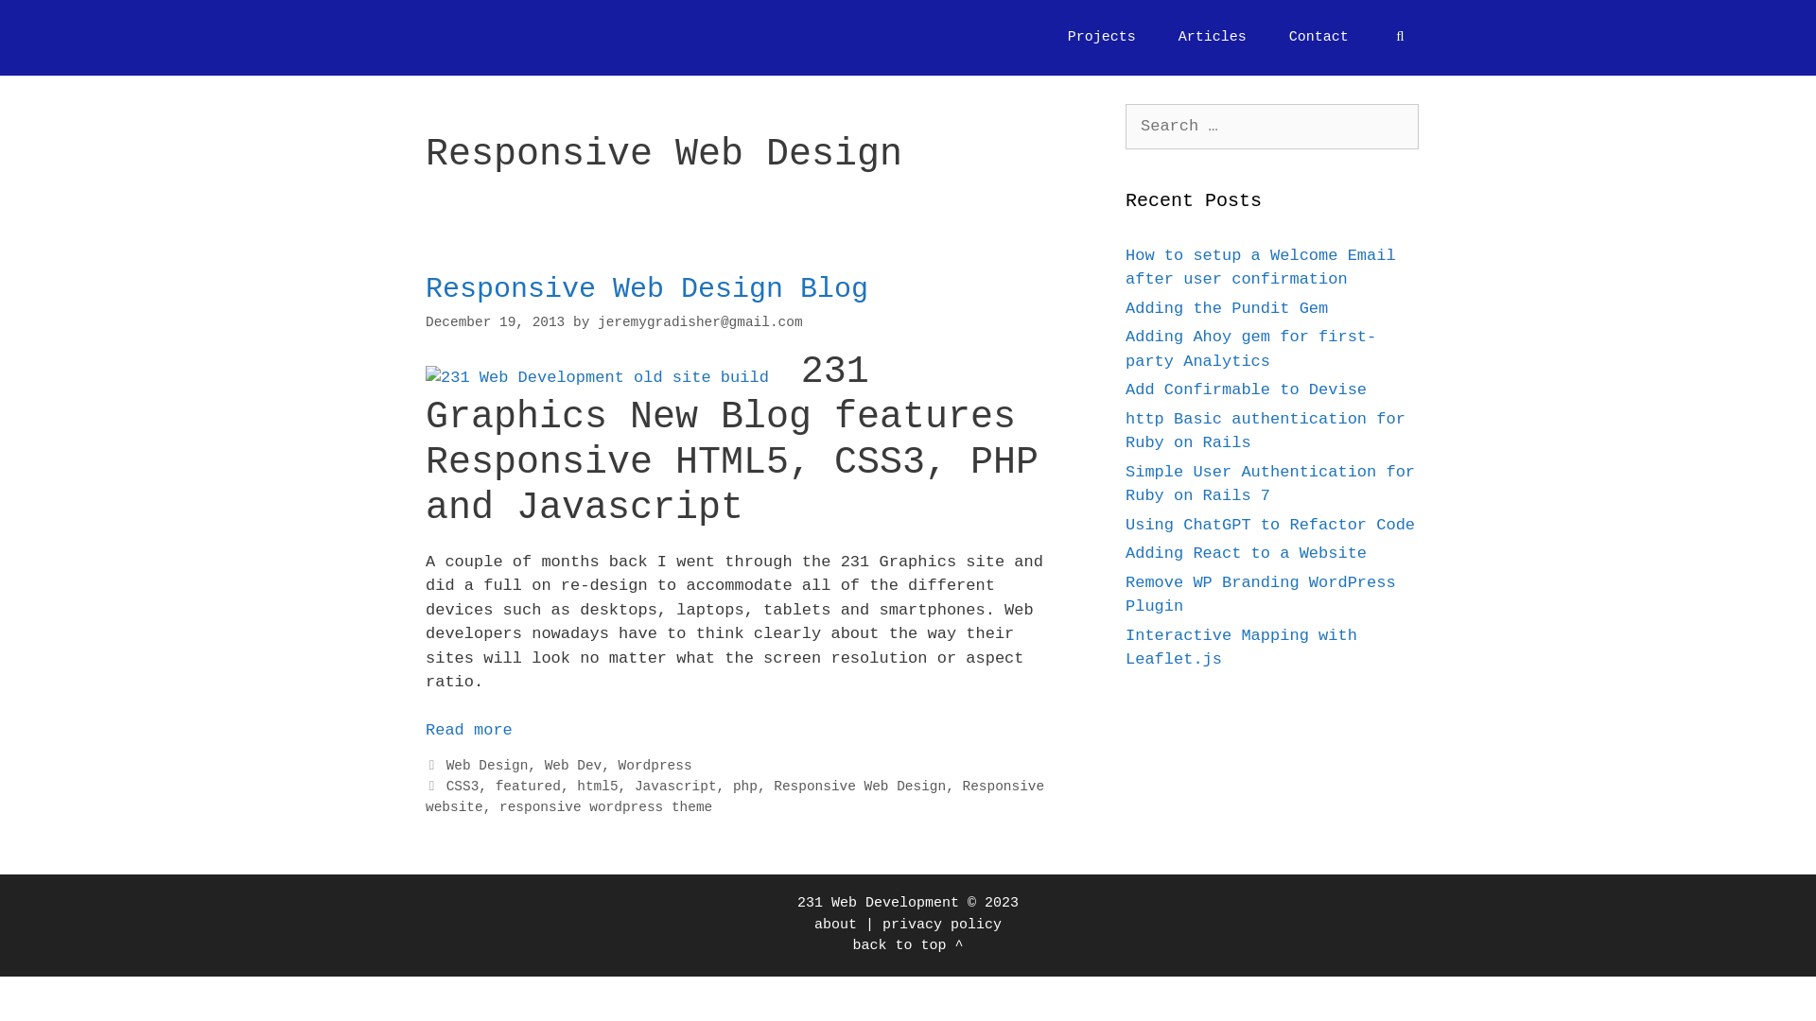 This screenshot has height=1021, width=1816. I want to click on 'html5', so click(575, 787).